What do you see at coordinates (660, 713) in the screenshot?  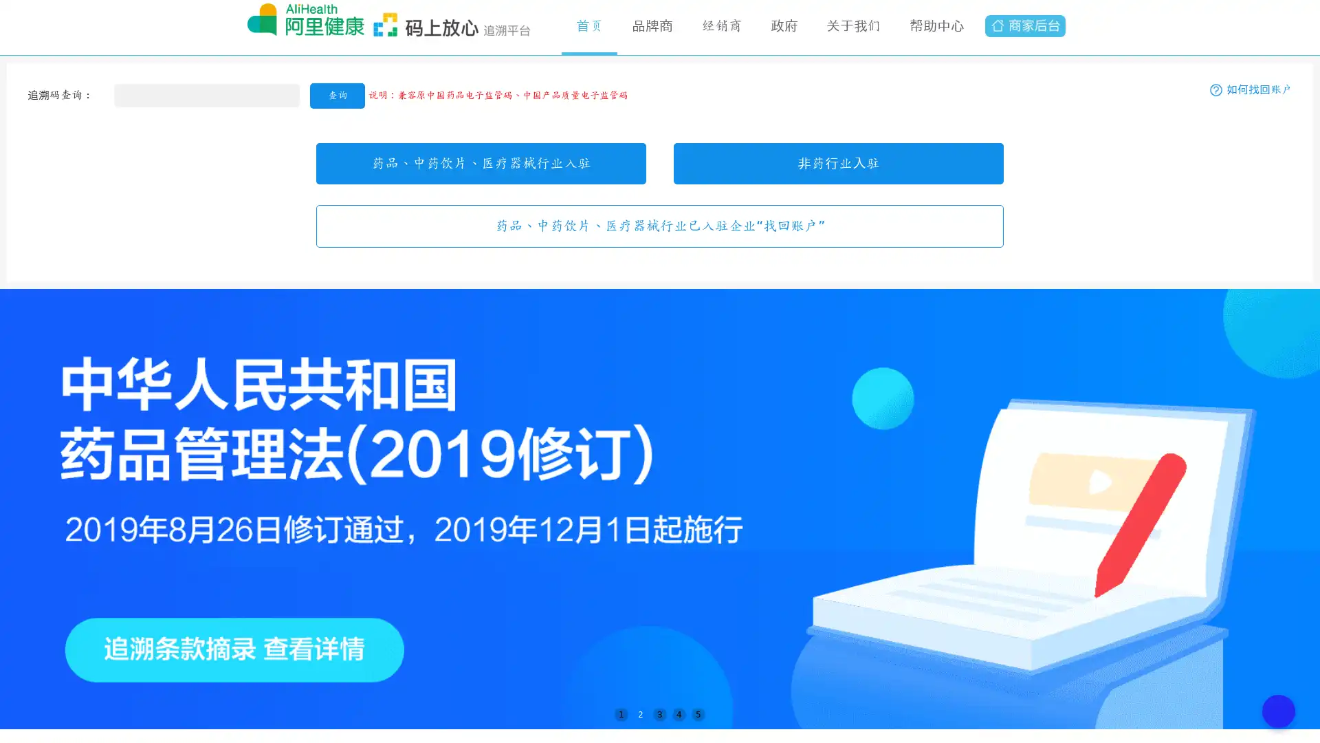 I see `Go to slide 3` at bounding box center [660, 713].